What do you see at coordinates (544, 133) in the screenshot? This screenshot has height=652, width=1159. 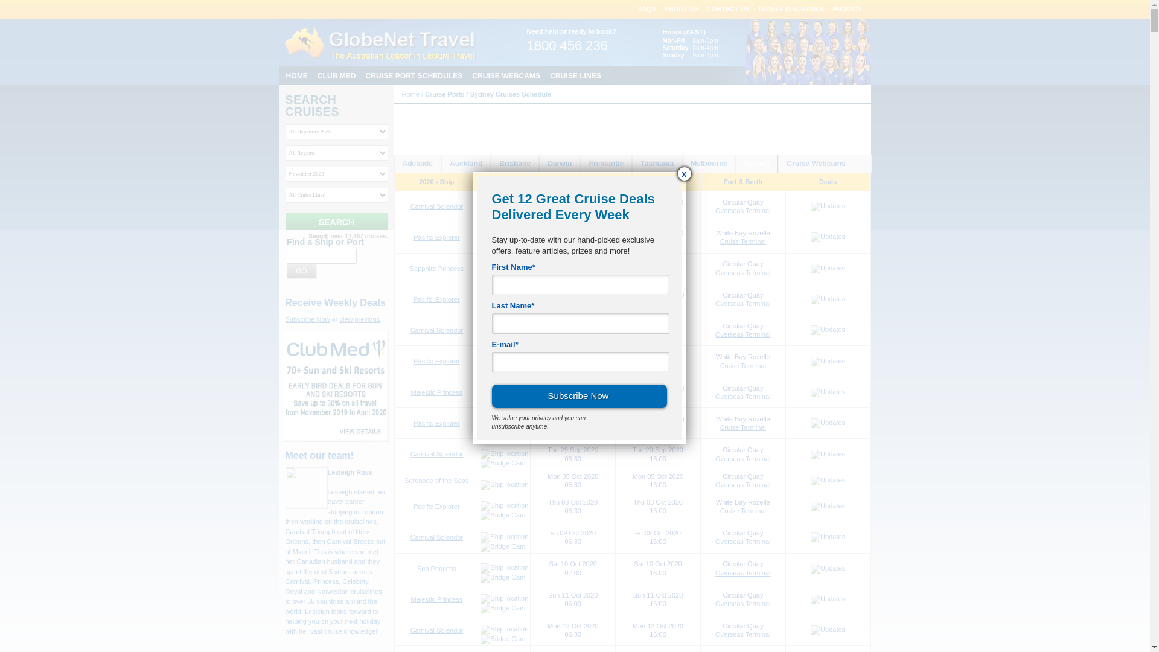 I see `'2021'` at bounding box center [544, 133].